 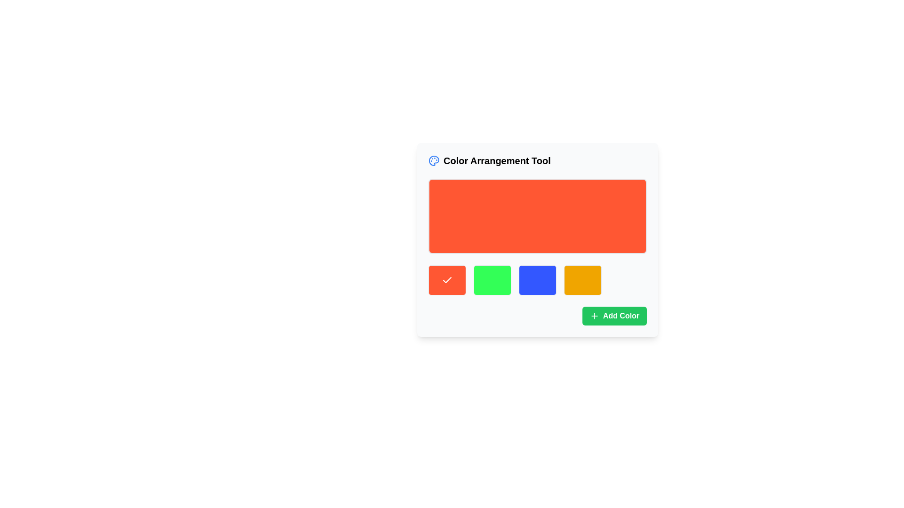 I want to click on the large color swatch in the Visual Display Component located below the 'Color Arrangement Tool' title, so click(x=538, y=216).